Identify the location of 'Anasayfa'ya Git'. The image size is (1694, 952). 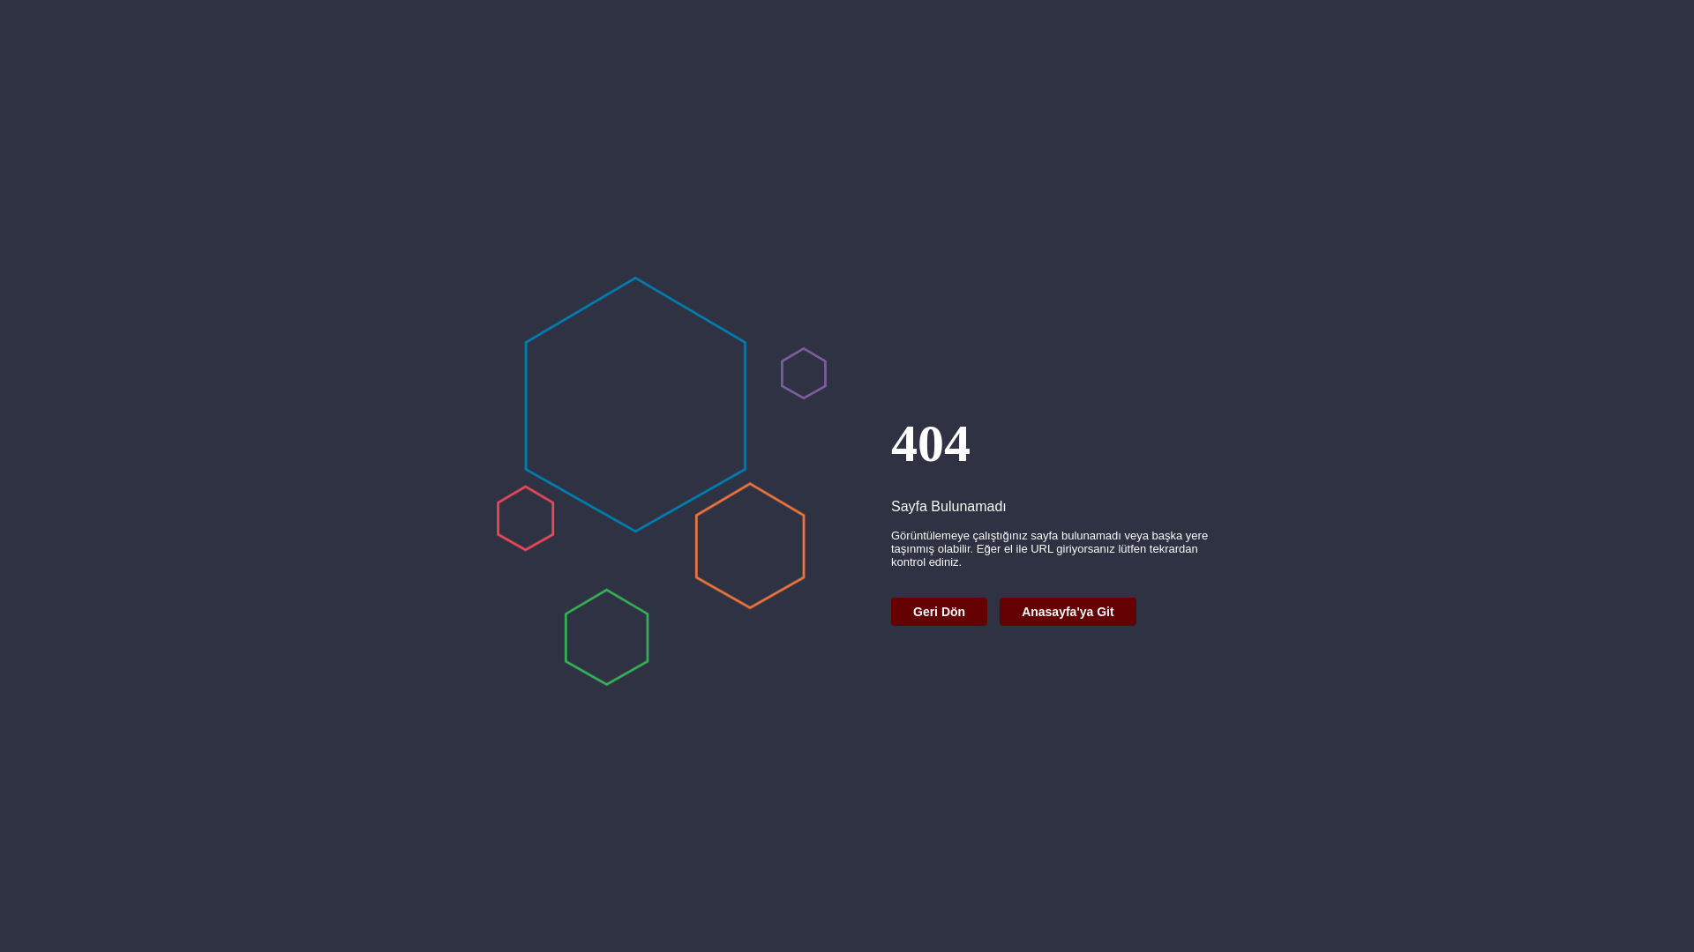
(1067, 611).